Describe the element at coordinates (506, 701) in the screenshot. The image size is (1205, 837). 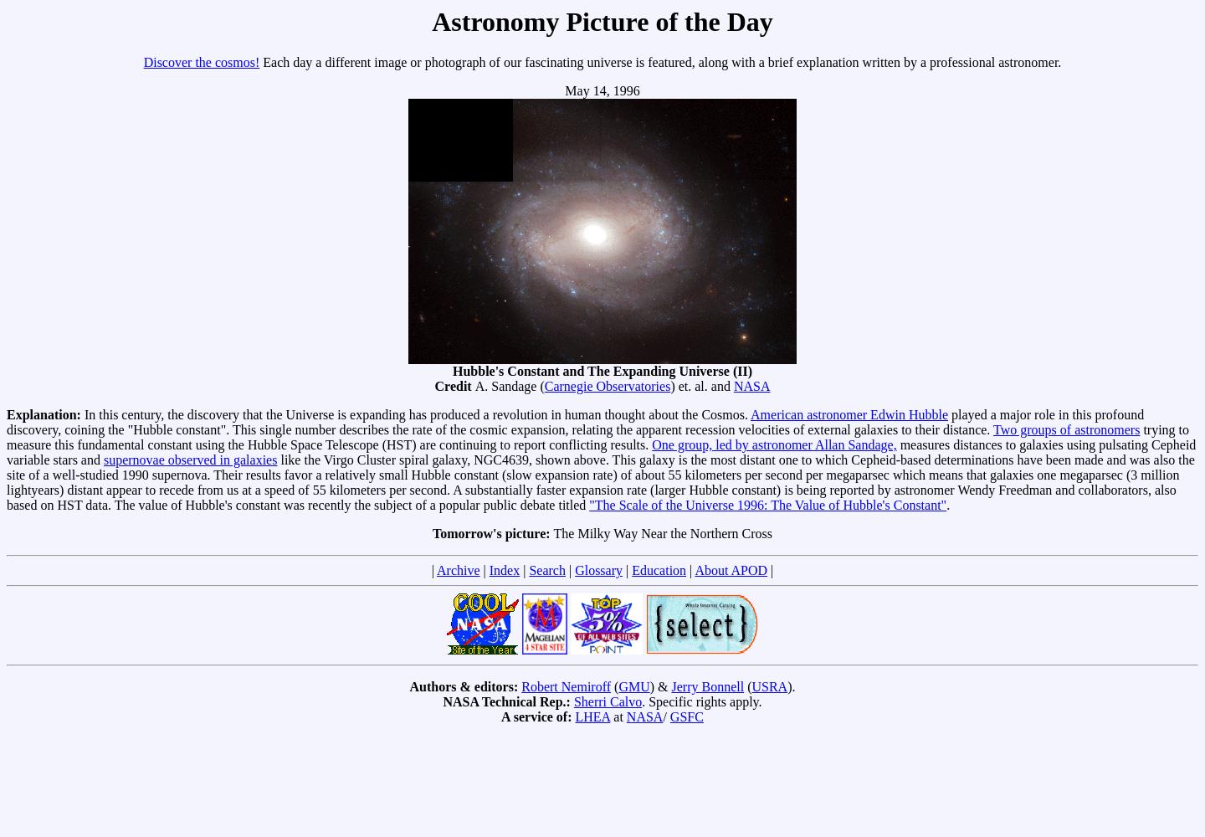
I see `'NASA Technical Rep.:'` at that location.